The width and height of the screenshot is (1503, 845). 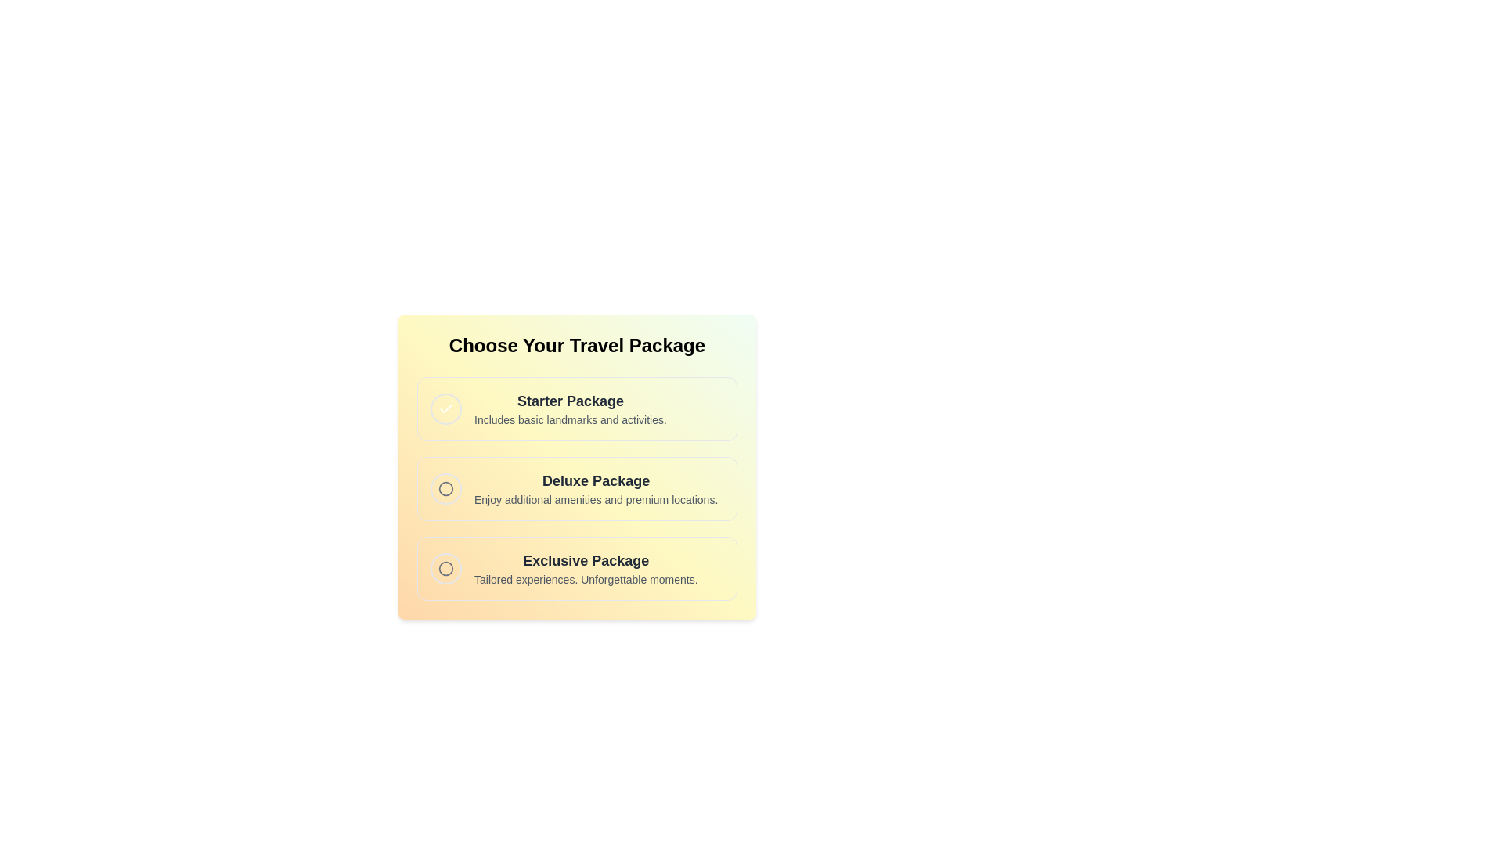 What do you see at coordinates (585, 579) in the screenshot?
I see `the text label that reads 'Tailored experiences. Unforgettable moments.' located below the 'Exclusive Package' header in the third travel package card` at bounding box center [585, 579].